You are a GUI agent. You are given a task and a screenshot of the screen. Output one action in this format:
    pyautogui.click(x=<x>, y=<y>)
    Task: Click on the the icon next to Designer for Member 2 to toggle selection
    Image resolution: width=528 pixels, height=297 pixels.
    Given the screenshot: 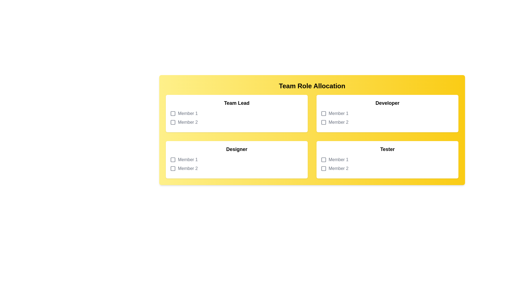 What is the action you would take?
    pyautogui.click(x=172, y=168)
    